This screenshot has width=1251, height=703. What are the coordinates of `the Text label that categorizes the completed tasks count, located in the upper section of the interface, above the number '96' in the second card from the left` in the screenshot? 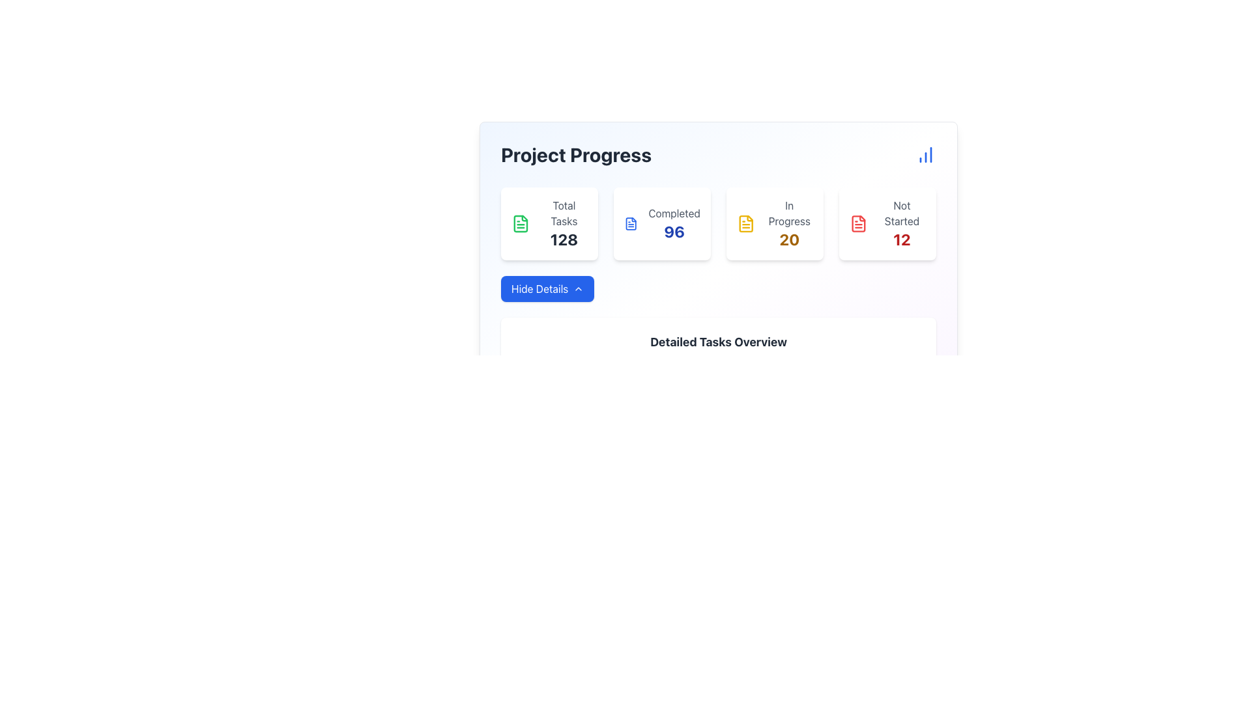 It's located at (674, 212).